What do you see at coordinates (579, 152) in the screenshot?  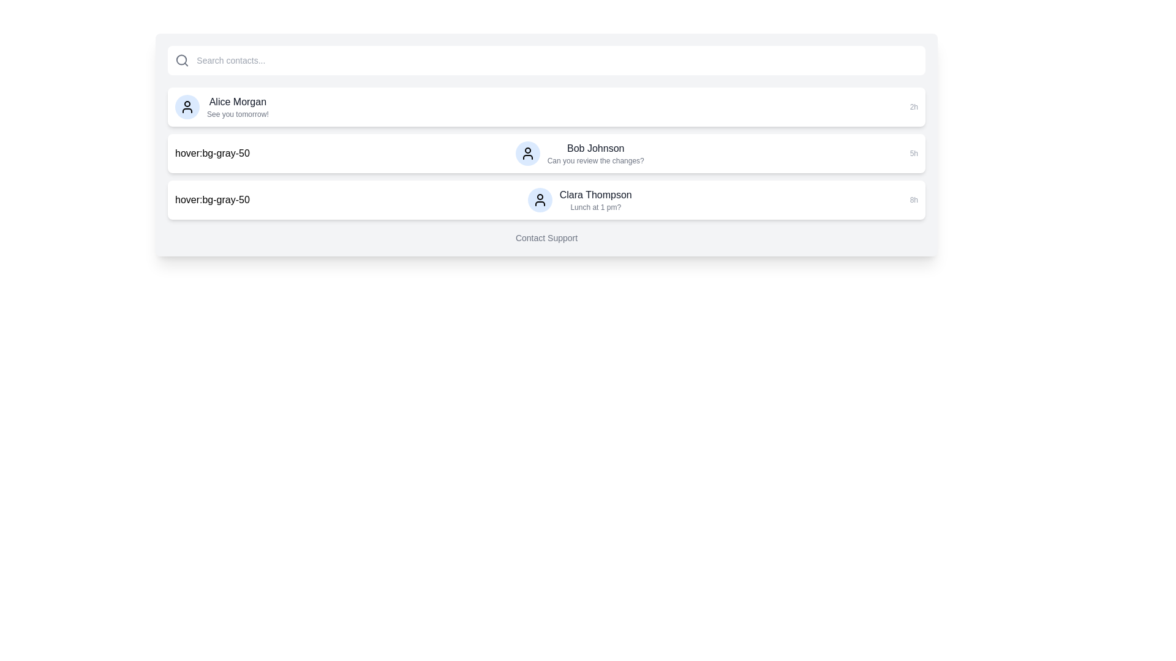 I see `to select the User contact preview item for 'Bob Johnson' which features a rounded avatar with a light blue background and bold text indicating the name, along with a lighter gray message underneath` at bounding box center [579, 152].